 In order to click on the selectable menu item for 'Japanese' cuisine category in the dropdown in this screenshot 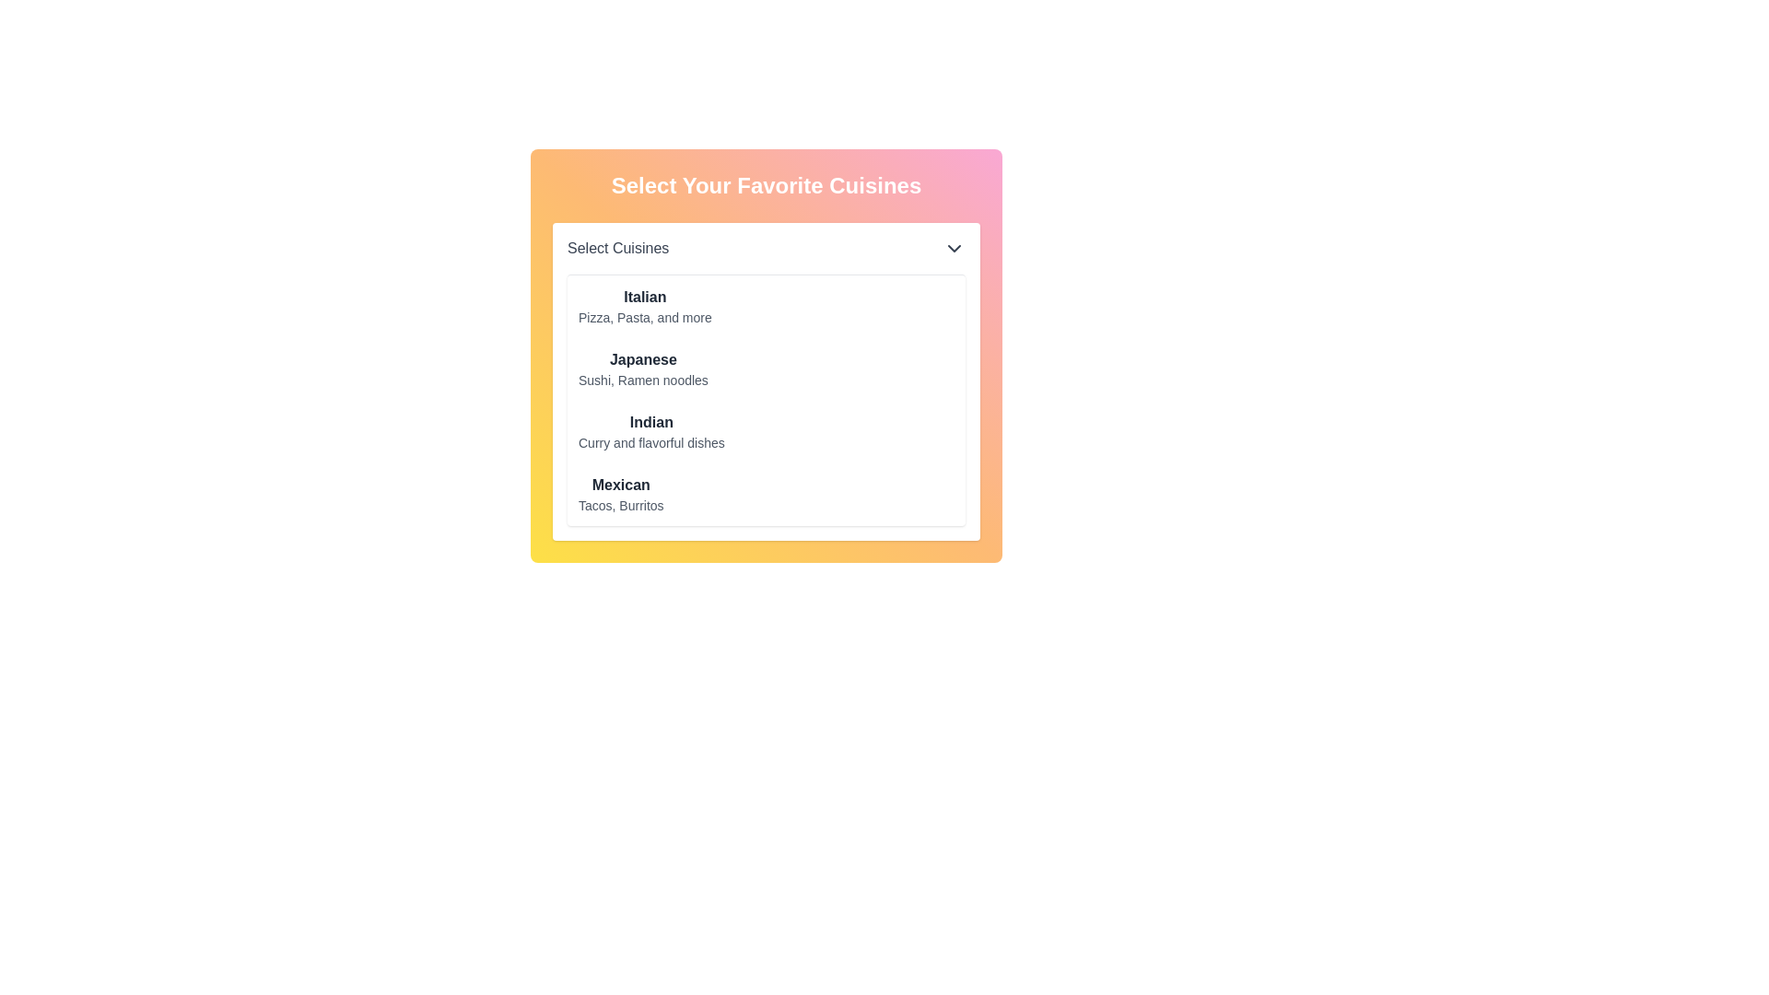, I will do `click(643, 369)`.